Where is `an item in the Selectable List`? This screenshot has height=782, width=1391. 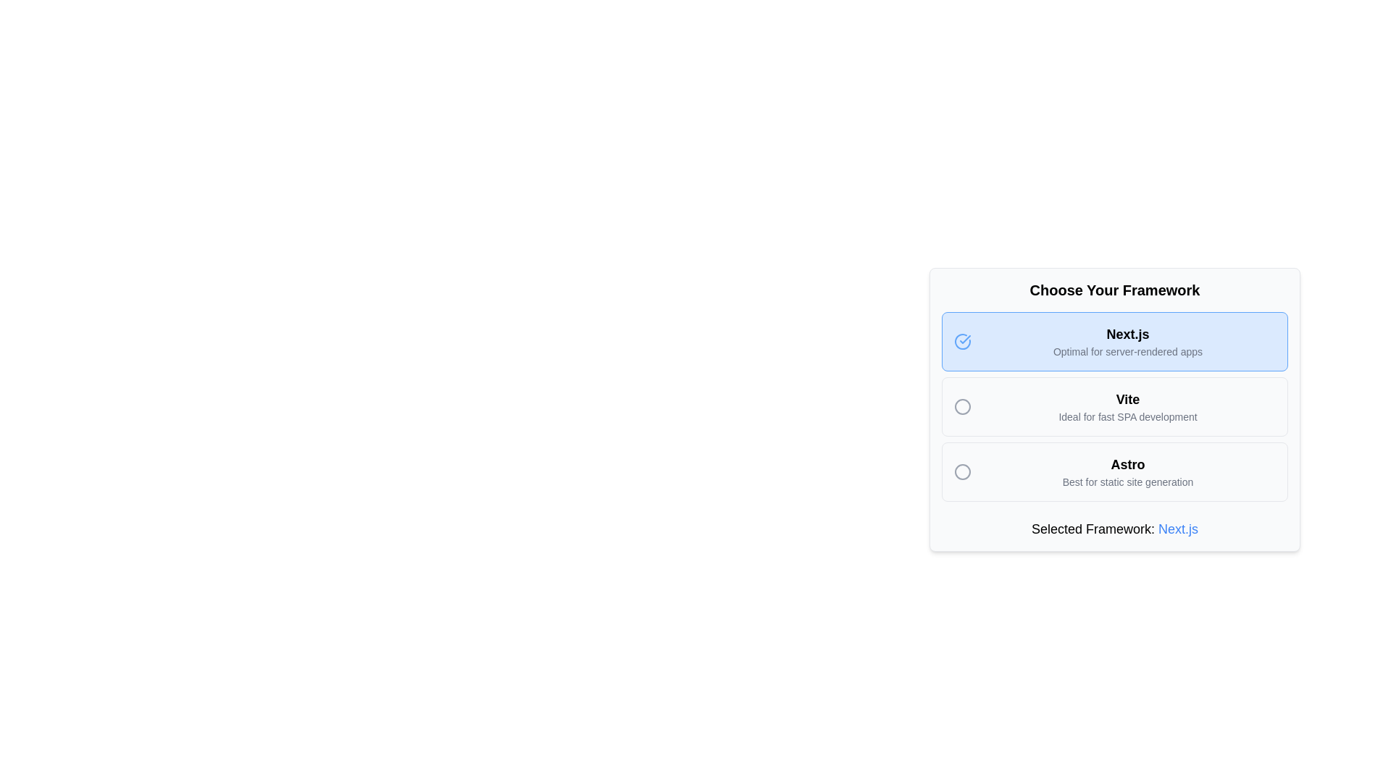 an item in the Selectable List is located at coordinates (1114, 407).